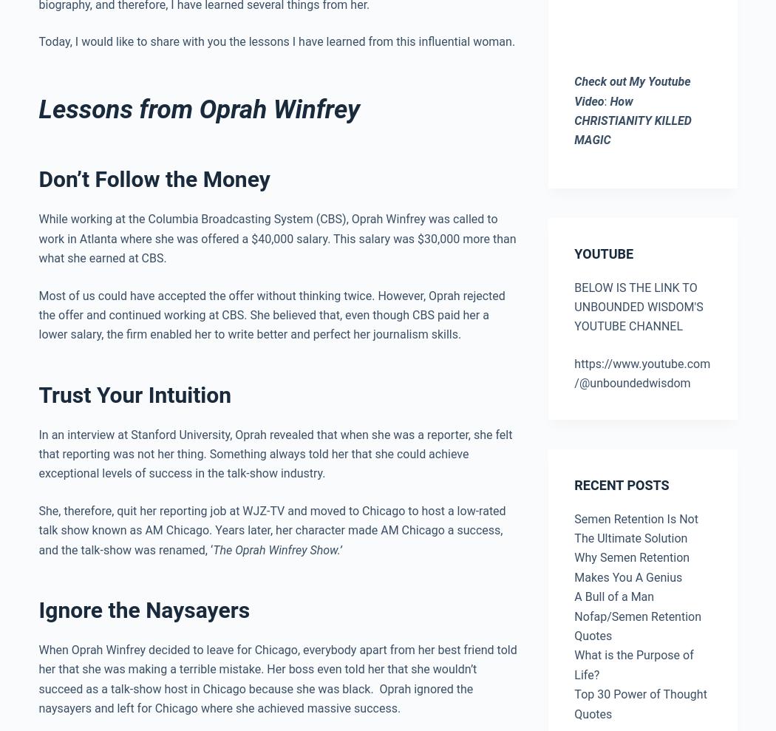 The width and height of the screenshot is (776, 731). Describe the element at coordinates (519, 488) in the screenshot. I see `'The 5 Major Stages You Must Go Through When Chasing Your Dreams'` at that location.